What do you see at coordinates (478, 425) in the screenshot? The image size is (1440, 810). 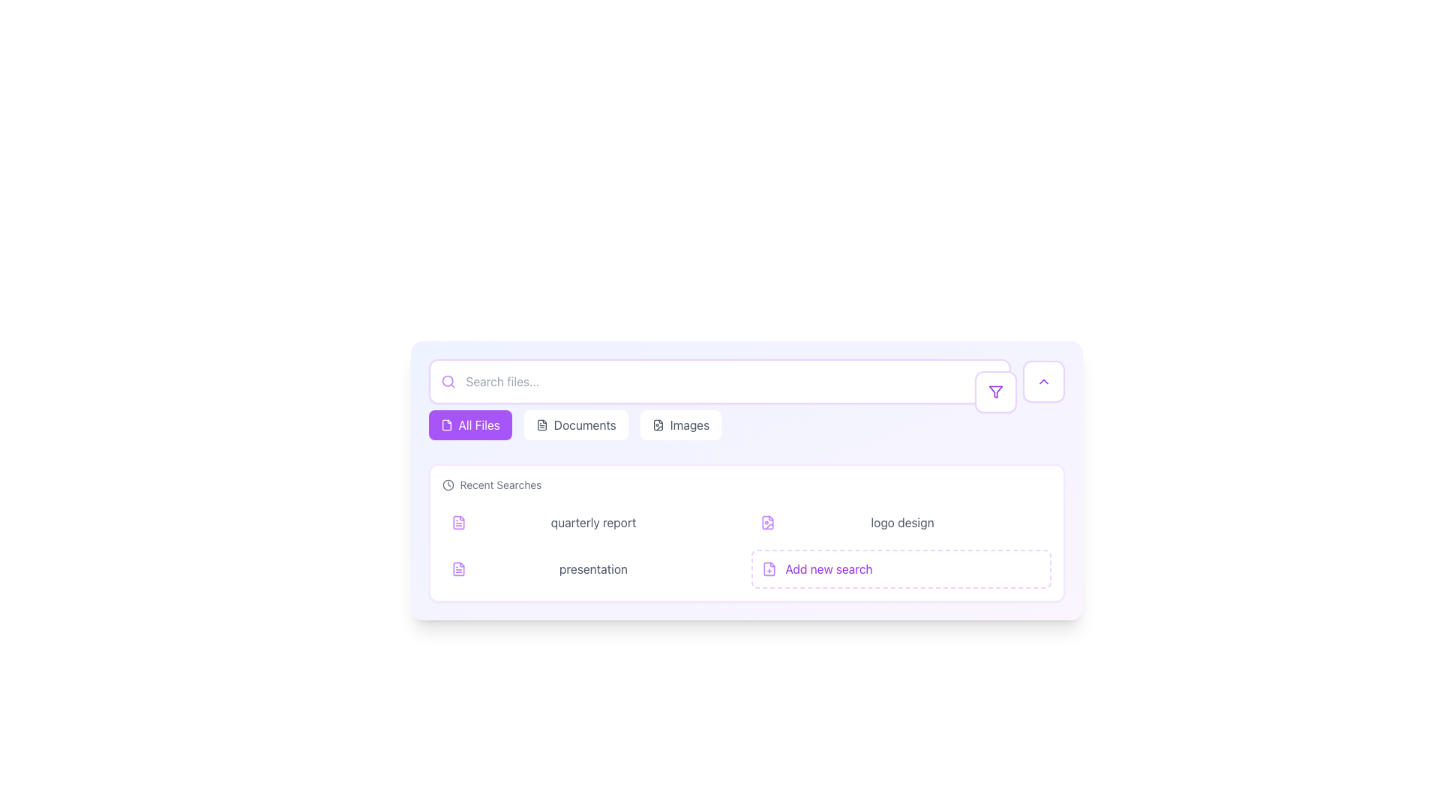 I see `the 'All Files' text label, which has white text on a purple background, to trigger a tooltip` at bounding box center [478, 425].